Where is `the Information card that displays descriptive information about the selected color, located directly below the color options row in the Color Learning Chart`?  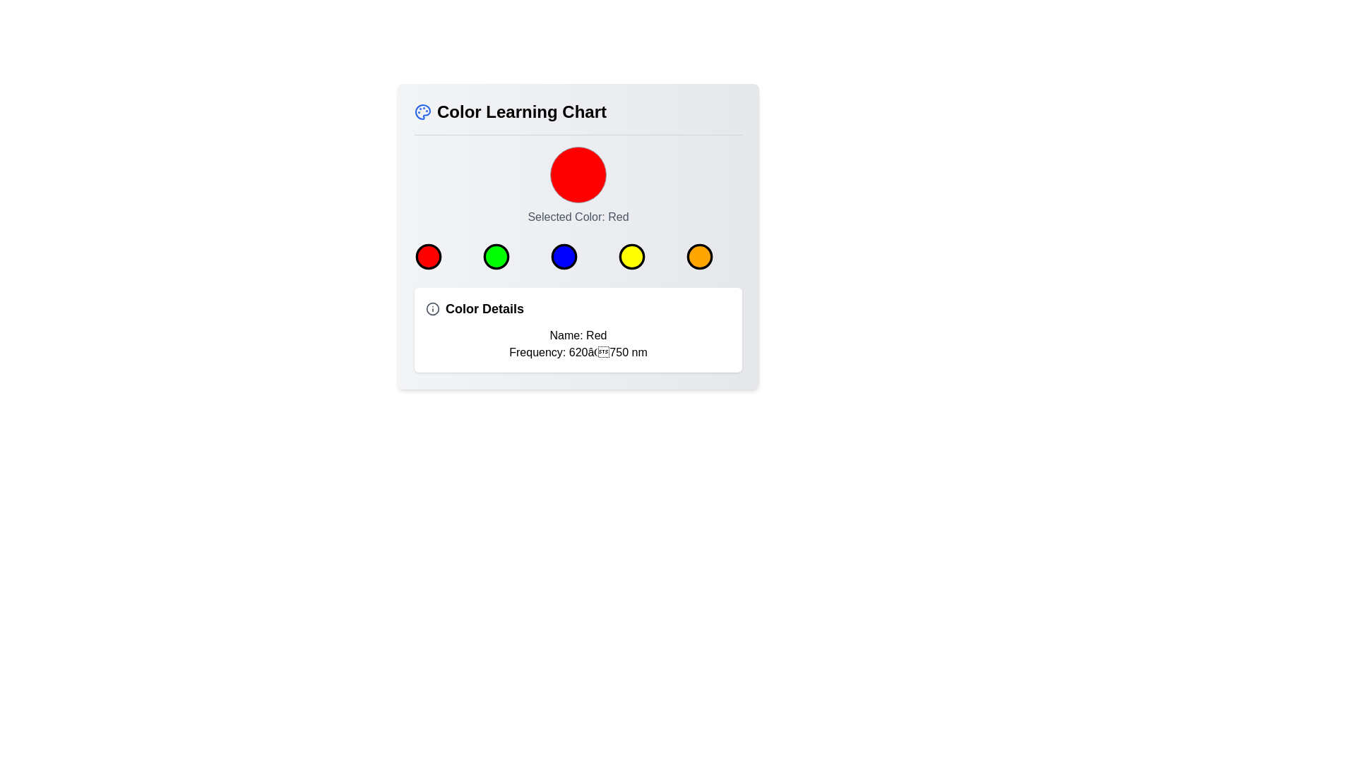
the Information card that displays descriptive information about the selected color, located directly below the color options row in the Color Learning Chart is located at coordinates (578, 329).